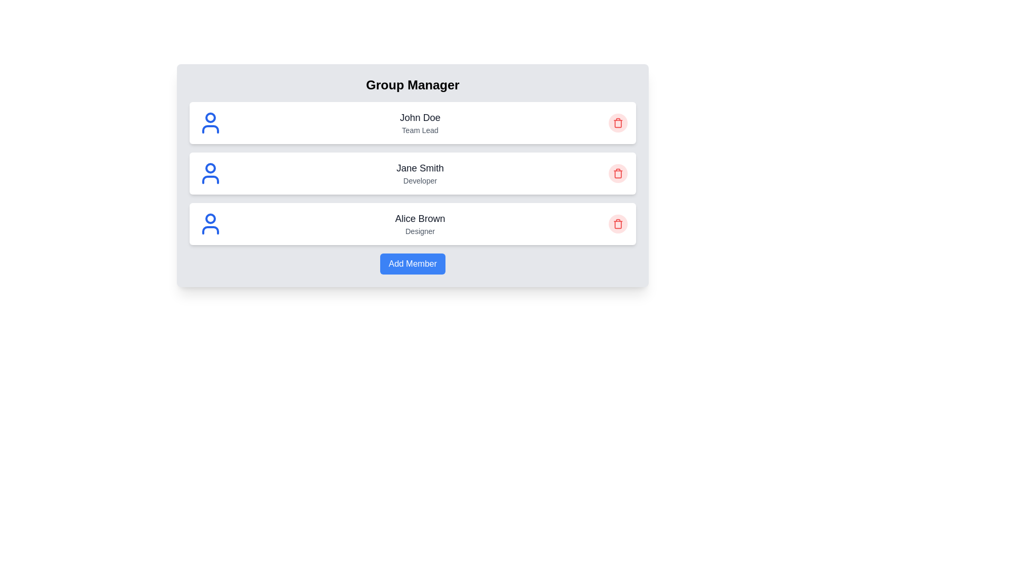 This screenshot has width=1011, height=568. I want to click on the bottom portion of the user icon representing 'Alice Brown - Designer' in the SVG image, so click(210, 230).